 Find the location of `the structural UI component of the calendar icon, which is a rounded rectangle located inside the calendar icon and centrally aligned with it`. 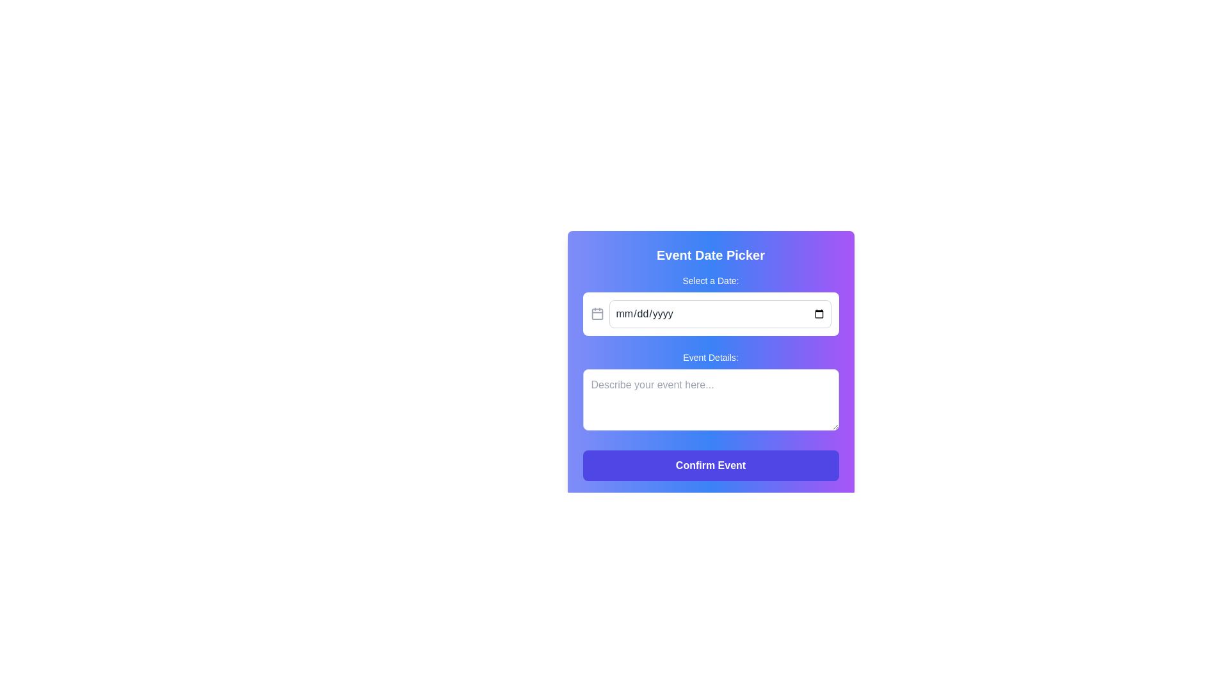

the structural UI component of the calendar icon, which is a rounded rectangle located inside the calendar icon and centrally aligned with it is located at coordinates (597, 314).